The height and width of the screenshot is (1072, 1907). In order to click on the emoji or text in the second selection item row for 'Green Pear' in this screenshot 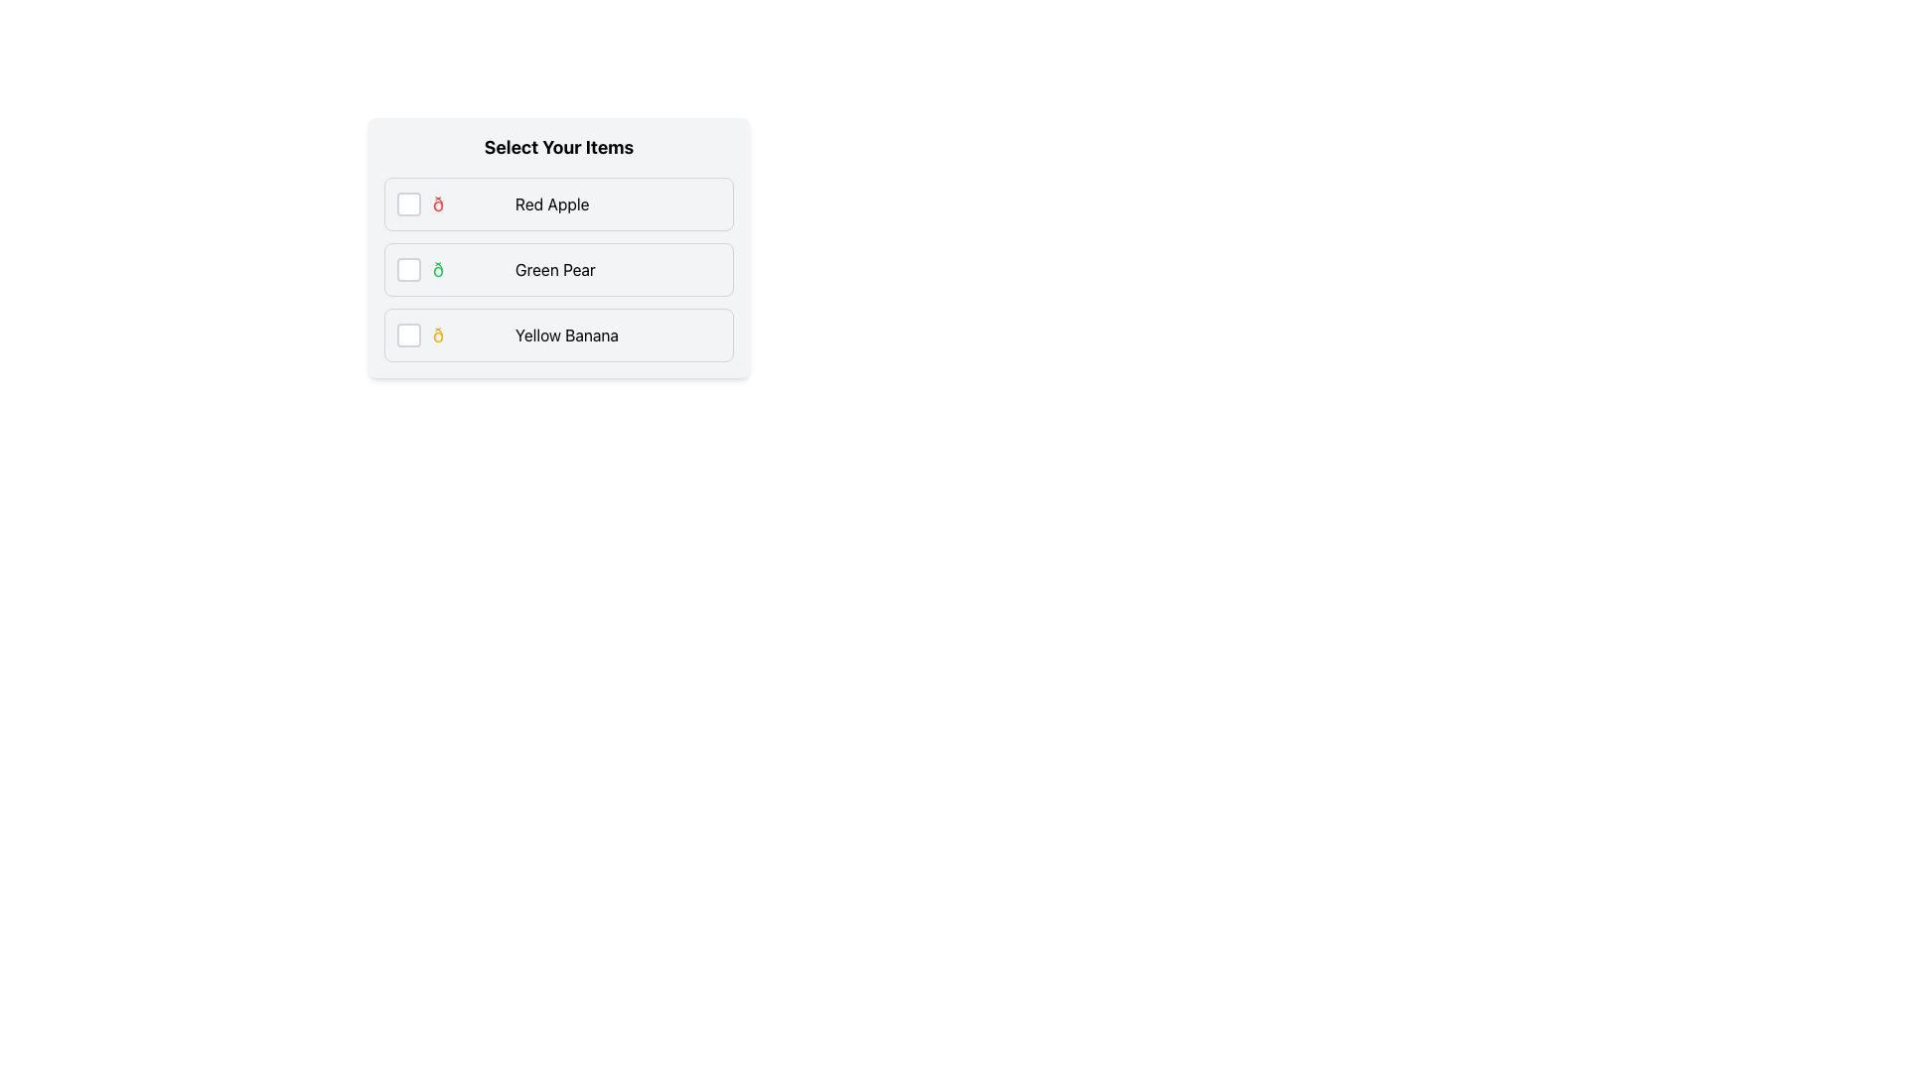, I will do `click(557, 270)`.